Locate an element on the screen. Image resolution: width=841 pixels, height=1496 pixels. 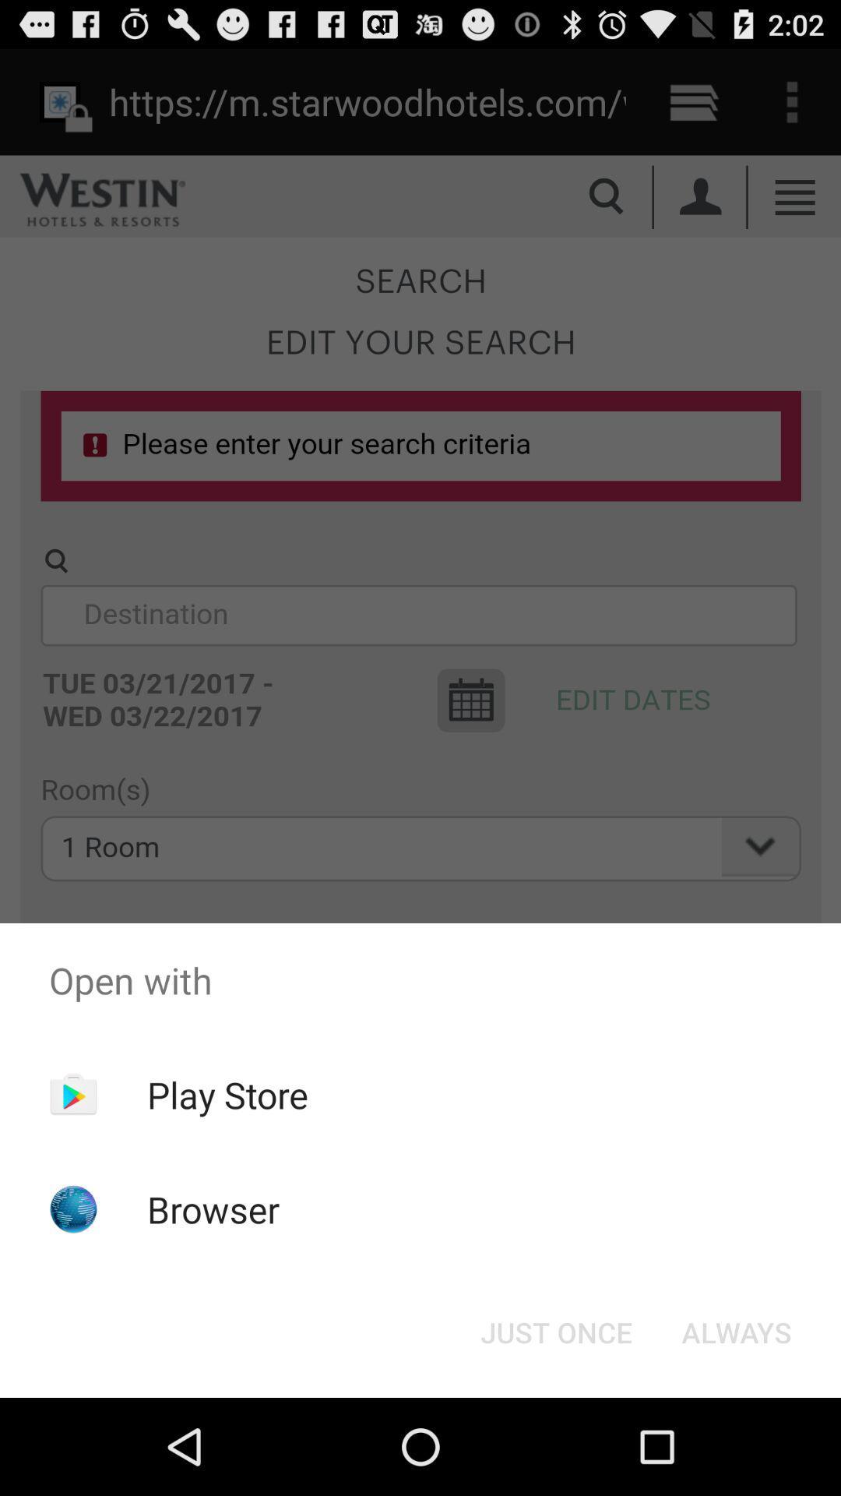
the item below open with icon is located at coordinates (555, 1331).